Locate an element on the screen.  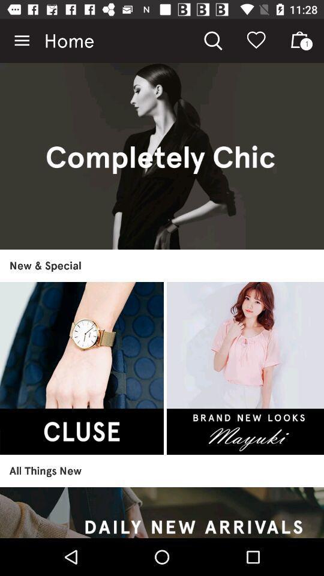
icon next to home item is located at coordinates (22, 41).